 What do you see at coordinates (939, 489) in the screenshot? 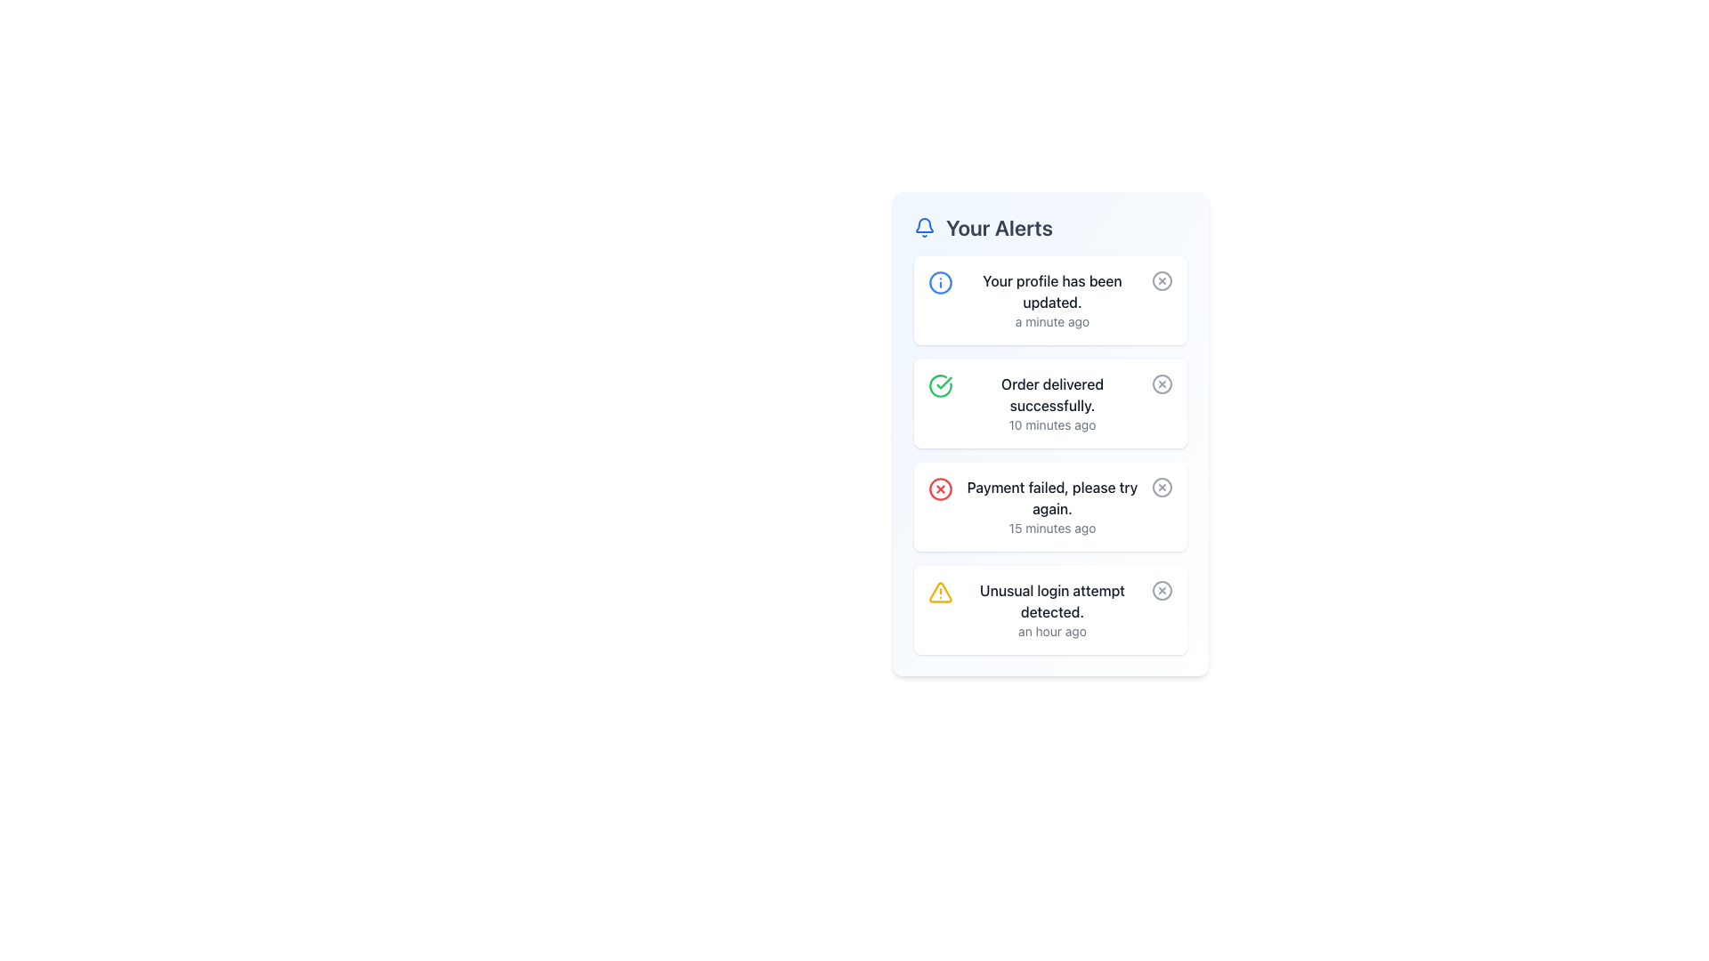
I see `the warning icon that signifies a payment failure, located in the third notification item of the alert message` at bounding box center [939, 489].